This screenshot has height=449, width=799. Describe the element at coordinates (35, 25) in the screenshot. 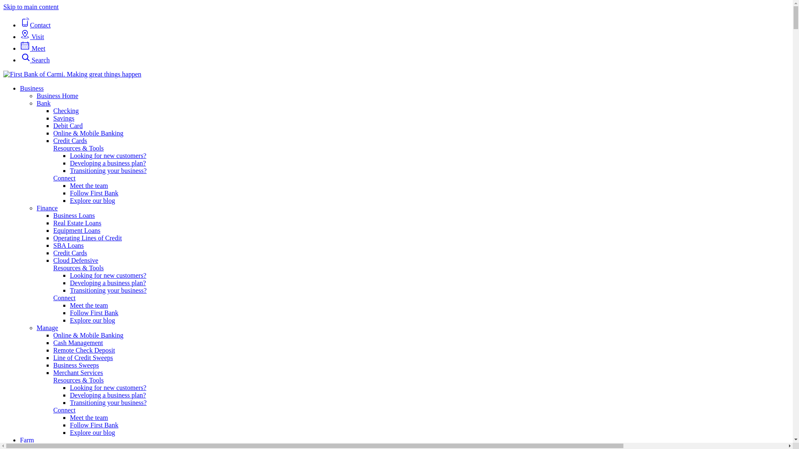

I see `'Contact'` at that location.